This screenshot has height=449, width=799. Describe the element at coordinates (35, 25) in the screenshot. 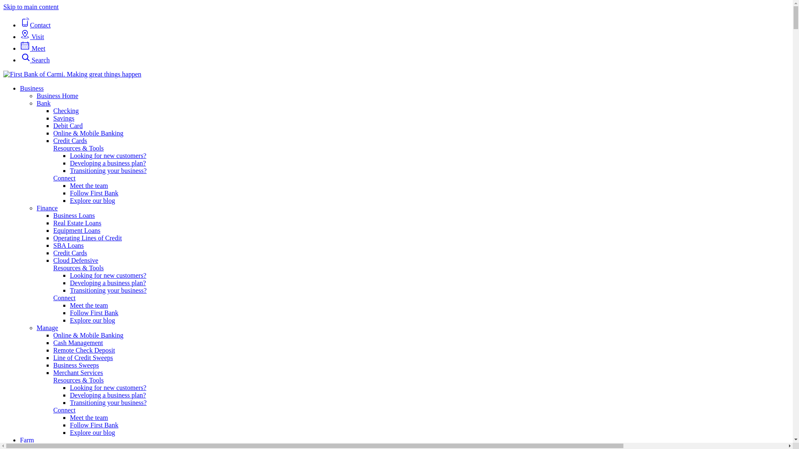

I see `'Contact'` at that location.